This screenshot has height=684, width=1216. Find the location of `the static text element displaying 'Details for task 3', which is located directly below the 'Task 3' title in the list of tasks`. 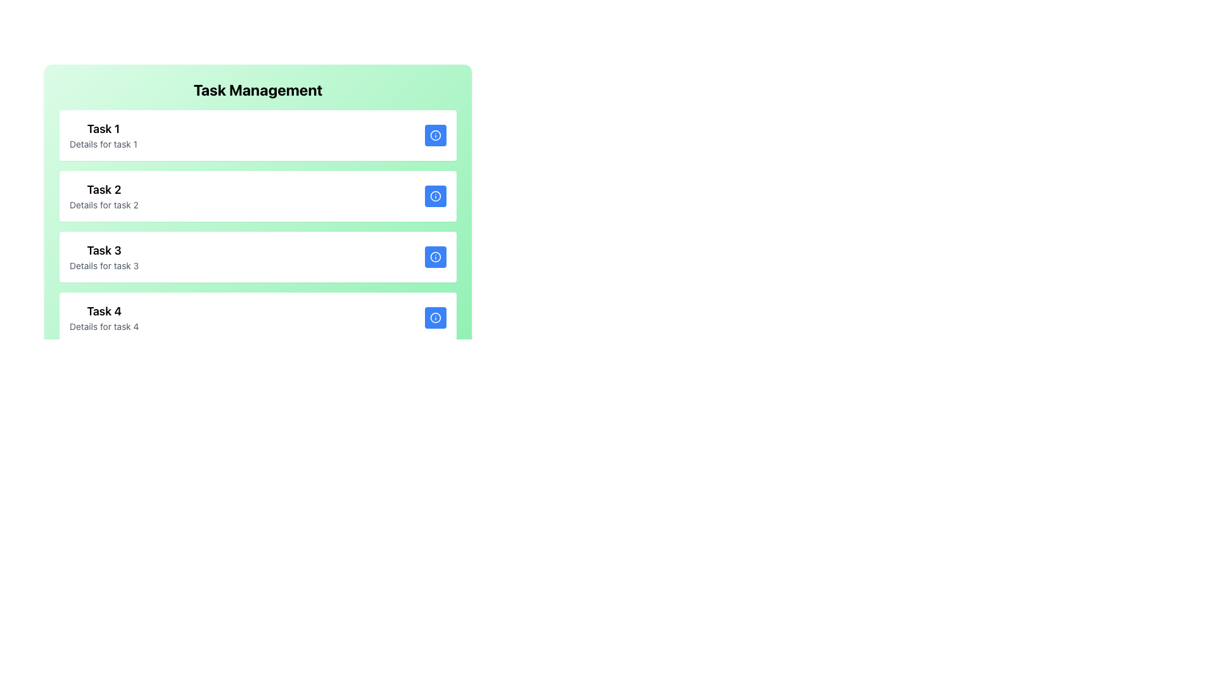

the static text element displaying 'Details for task 3', which is located directly below the 'Task 3' title in the list of tasks is located at coordinates (104, 265).